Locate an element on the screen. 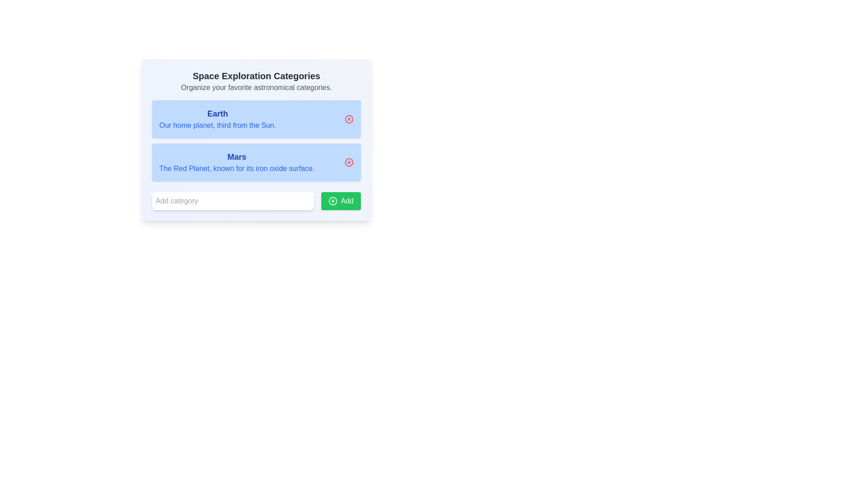 The height and width of the screenshot is (486, 864). the text label that serves as the title for the Earth category, located in the uppermost blue section of the list is located at coordinates (217, 113).